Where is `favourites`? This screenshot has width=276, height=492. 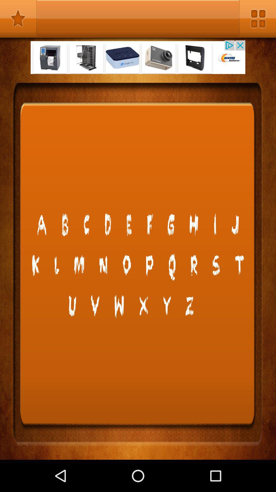 favourites is located at coordinates (18, 18).